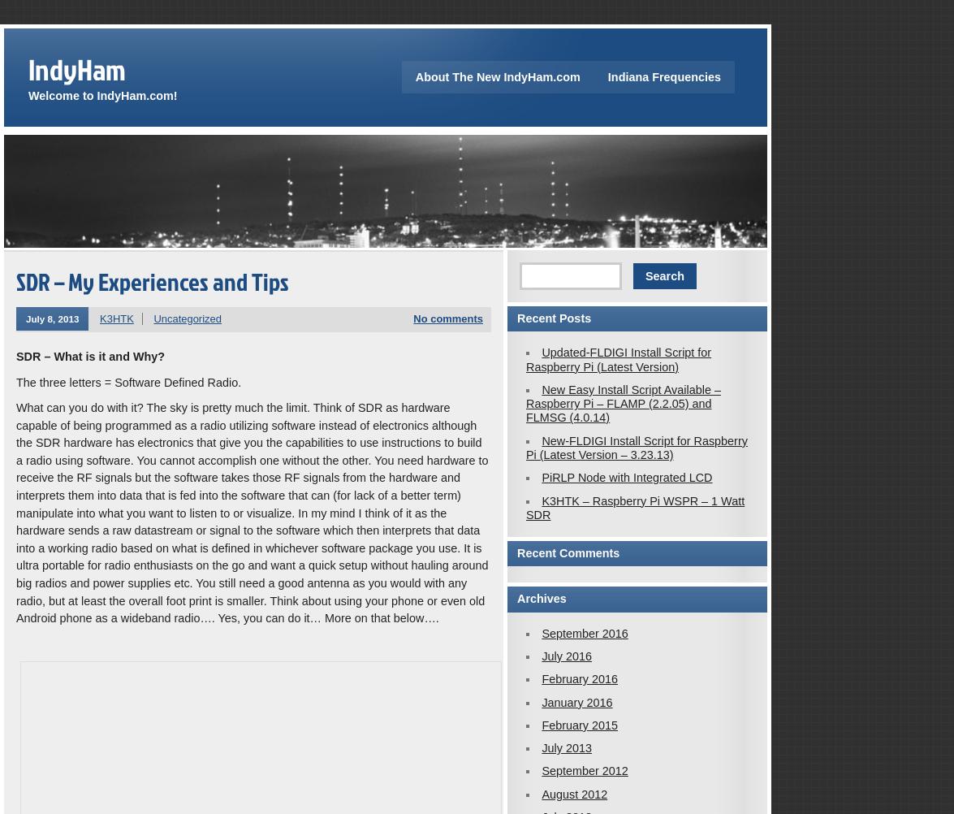 Image resolution: width=954 pixels, height=814 pixels. Describe the element at coordinates (128, 381) in the screenshot. I see `'The three letters = Software Defined Radio.'` at that location.